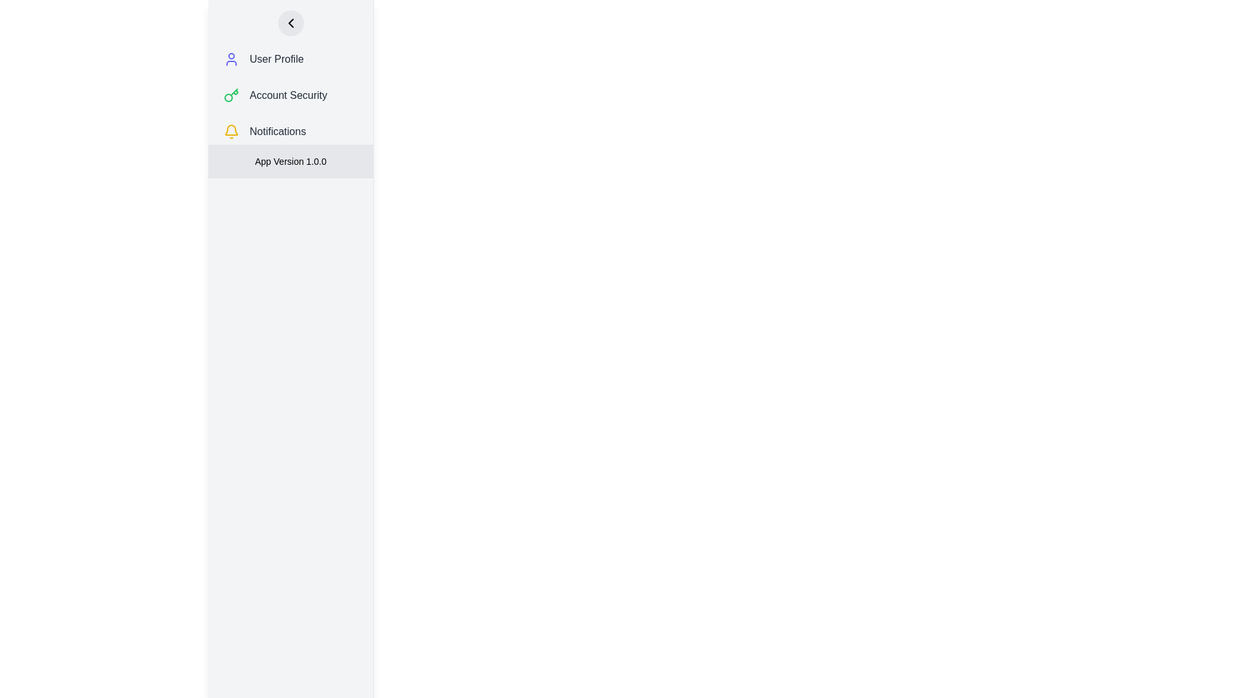 This screenshot has height=698, width=1242. I want to click on the notification icon (bell icon) located next to the 'Notifications' label in the sidebar menu, which is the third item from the top, so click(232, 132).